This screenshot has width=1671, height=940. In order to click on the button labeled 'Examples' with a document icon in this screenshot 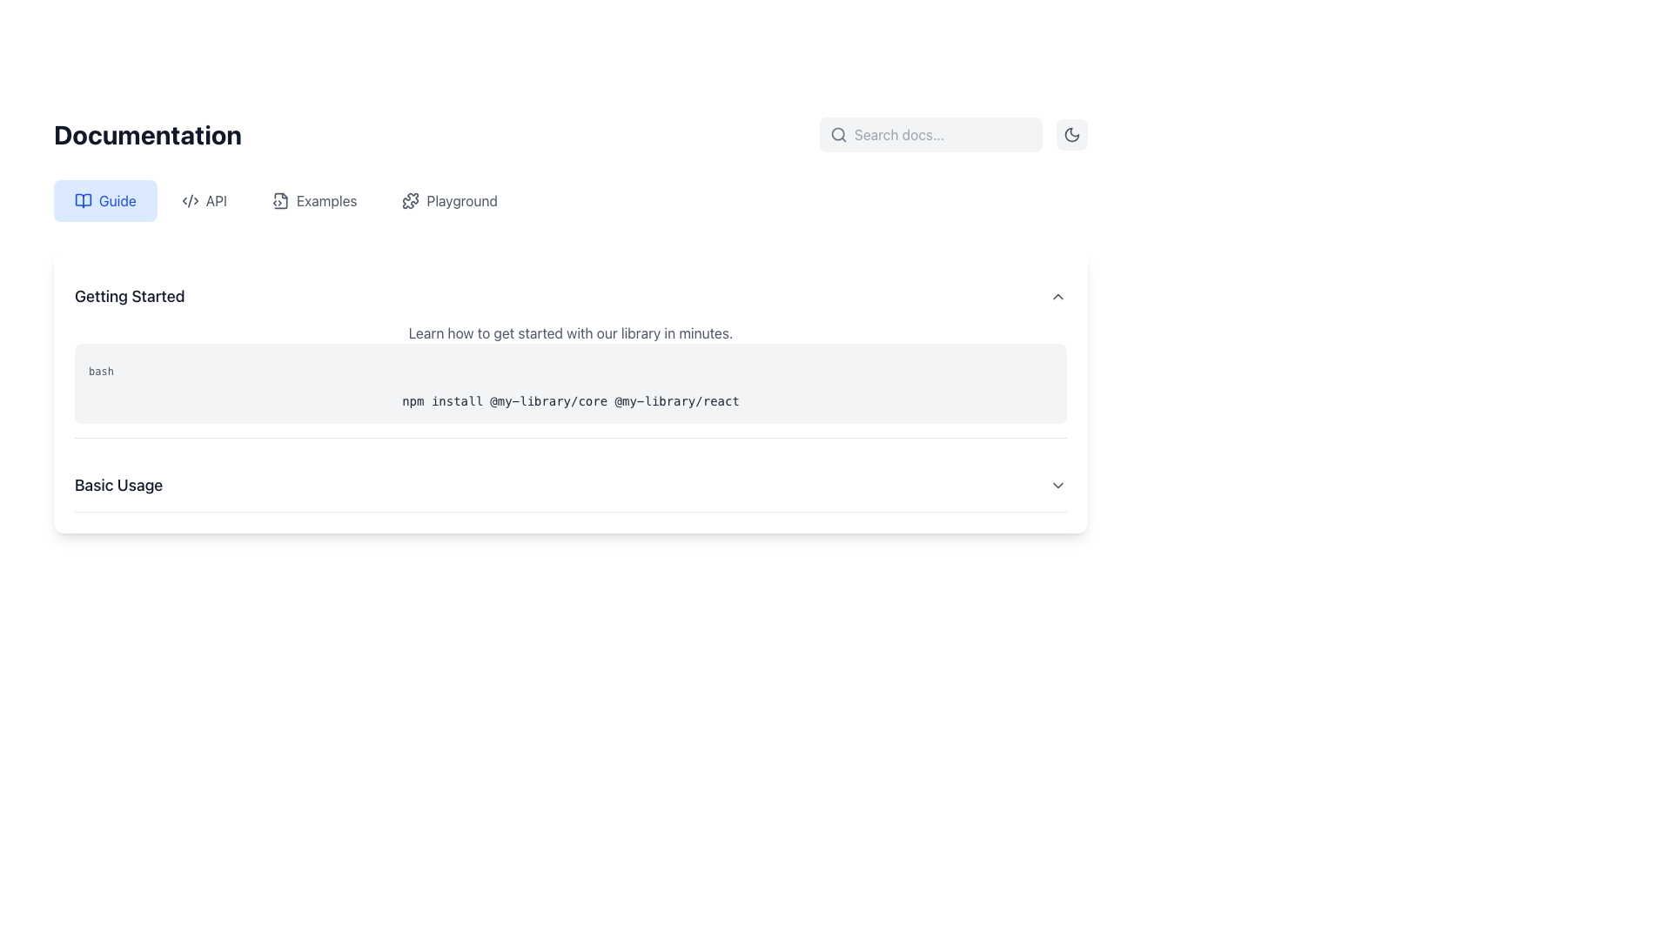, I will do `click(314, 200)`.